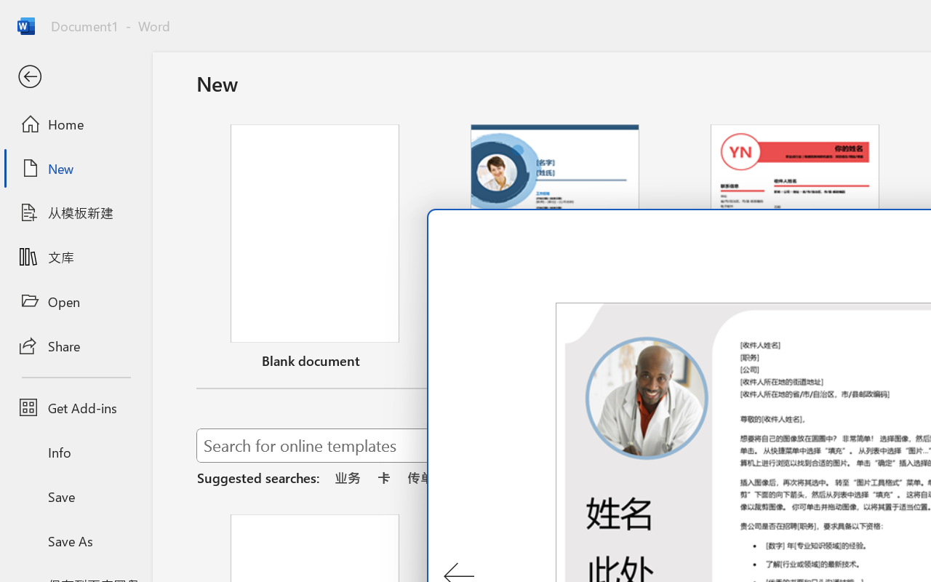 Image resolution: width=931 pixels, height=582 pixels. What do you see at coordinates (75, 168) in the screenshot?
I see `'New'` at bounding box center [75, 168].